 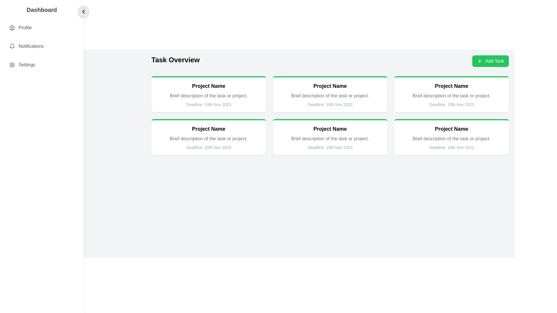 I want to click on a keyboard shortcut, so click(x=41, y=39).